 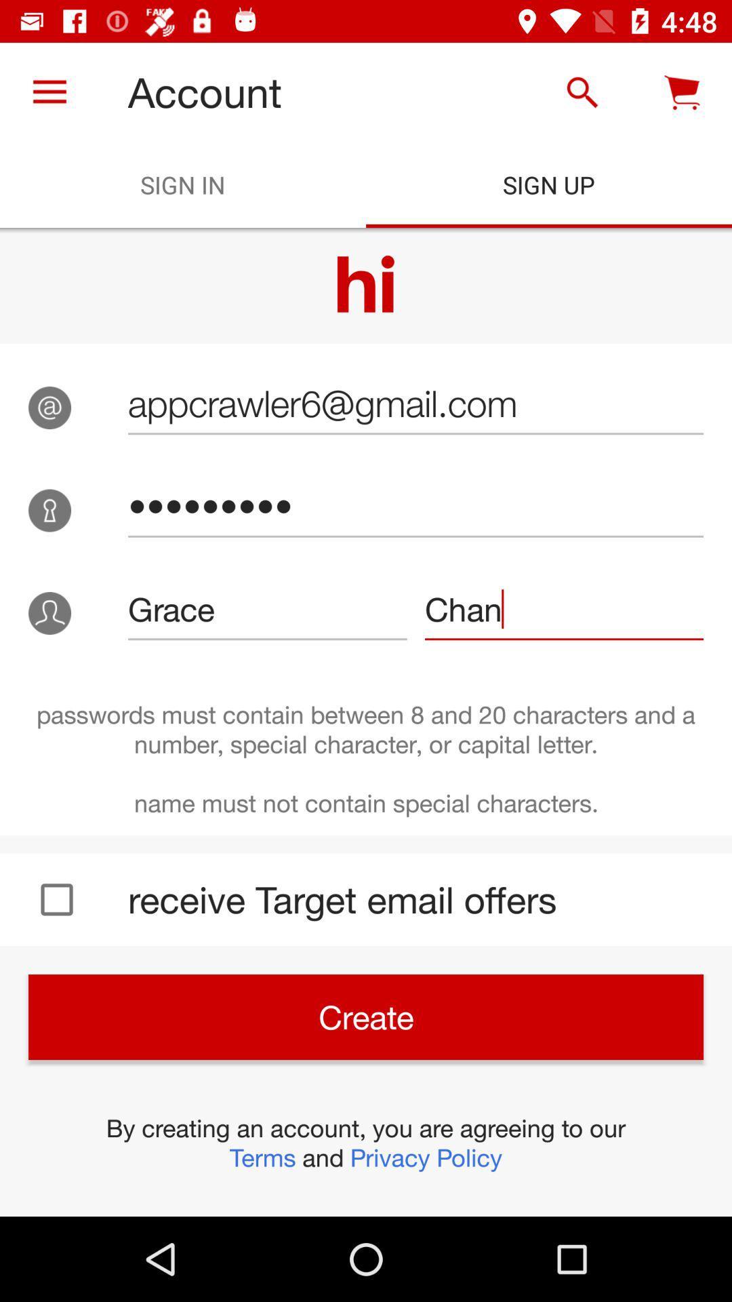 I want to click on icon to the left of account, so click(x=49, y=92).